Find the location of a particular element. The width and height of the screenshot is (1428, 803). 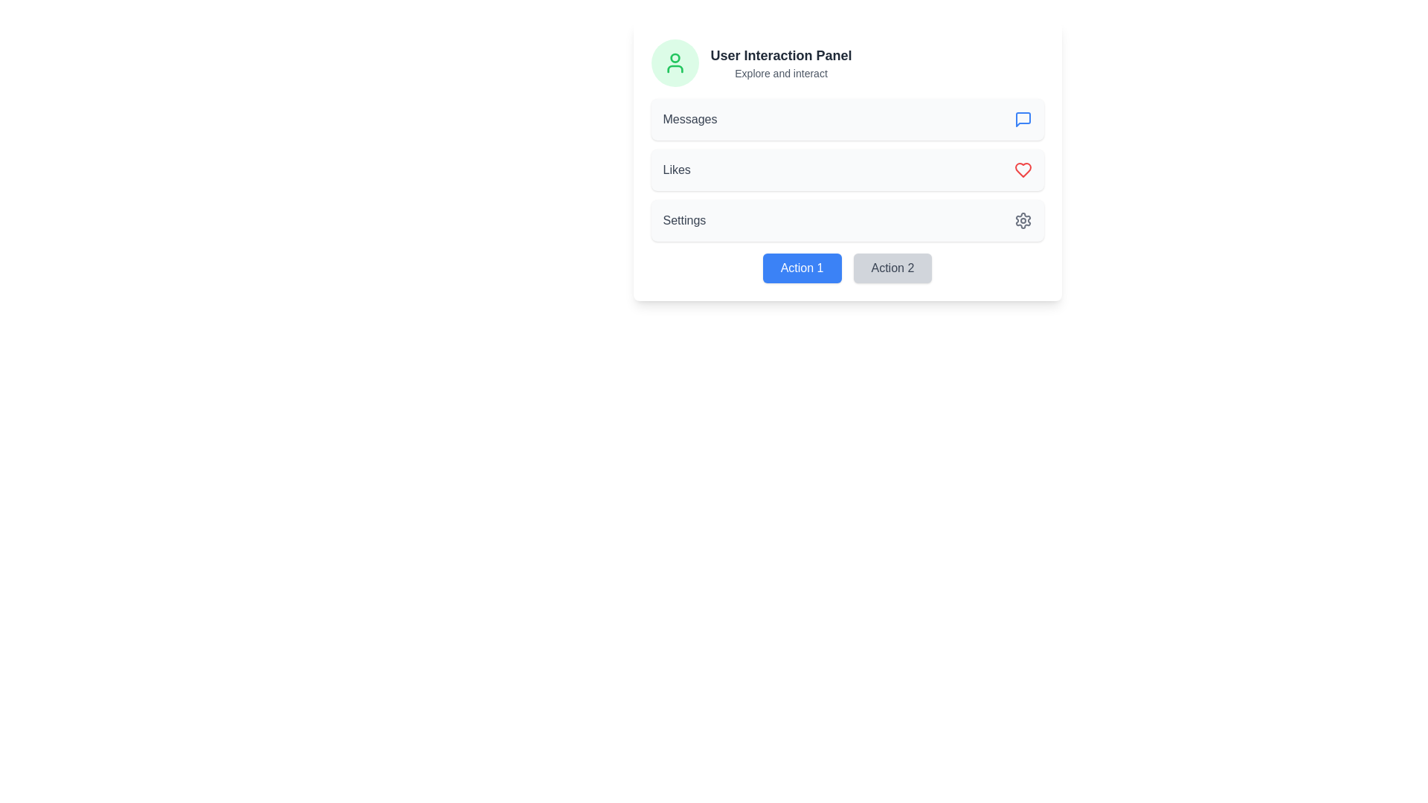

the user avatar icon located at the top left corner of the 'User Interaction Panel', adjacent to the text 'User Interaction Panel' and 'Explore and interact' is located at coordinates (674, 62).